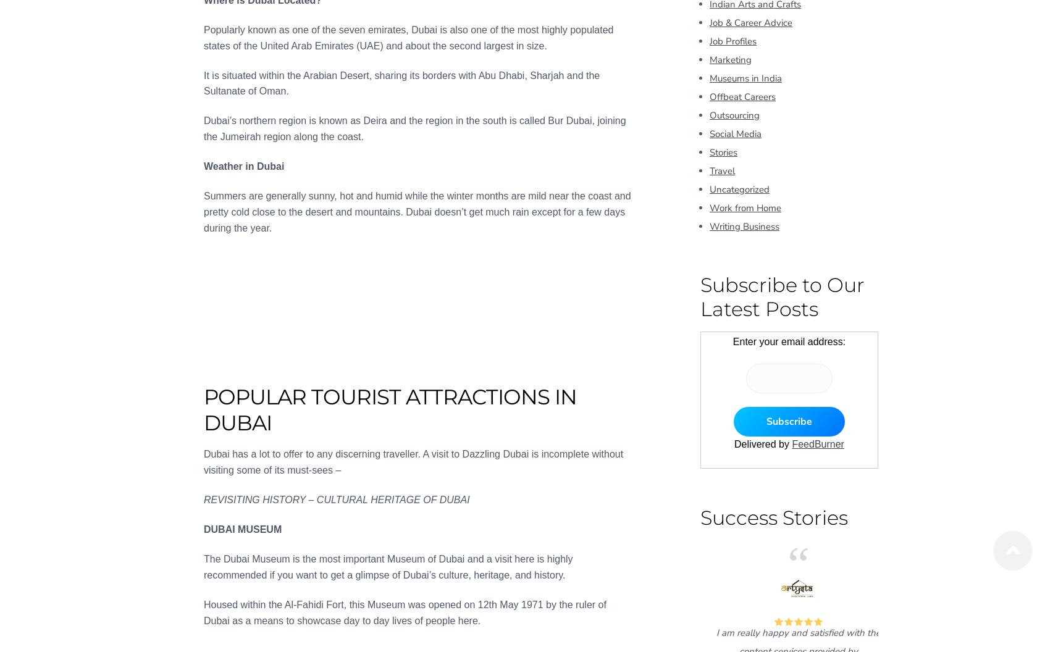 Image resolution: width=1045 pixels, height=652 pixels. What do you see at coordinates (203, 166) in the screenshot?
I see `'Weather in Dubai'` at bounding box center [203, 166].